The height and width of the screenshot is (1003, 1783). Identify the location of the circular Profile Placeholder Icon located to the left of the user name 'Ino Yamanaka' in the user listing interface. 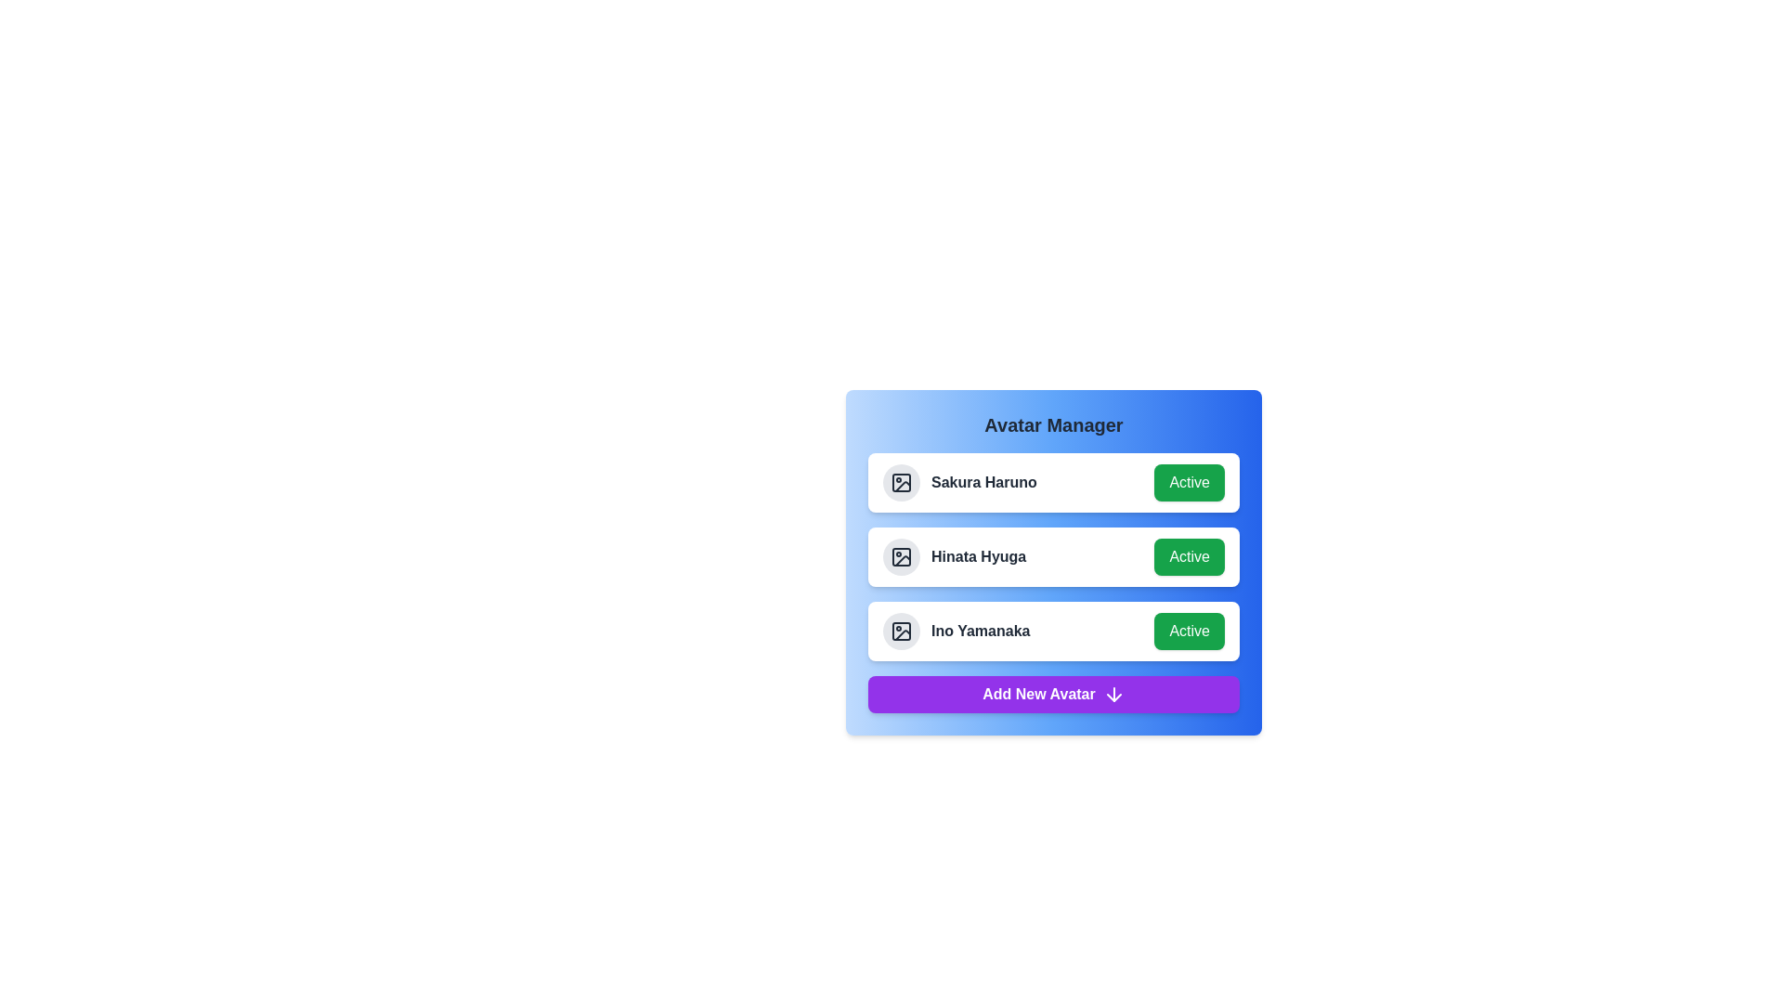
(901, 630).